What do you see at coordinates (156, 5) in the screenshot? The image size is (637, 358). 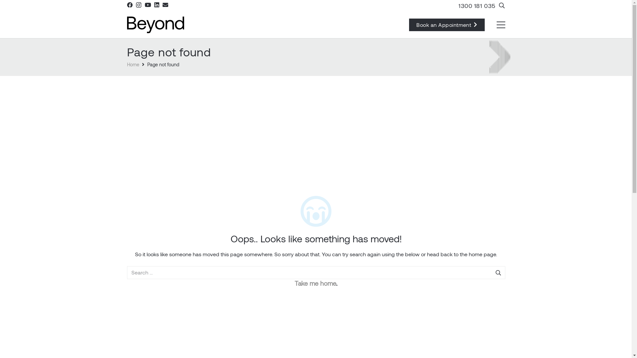 I see `'LinkedIn'` at bounding box center [156, 5].